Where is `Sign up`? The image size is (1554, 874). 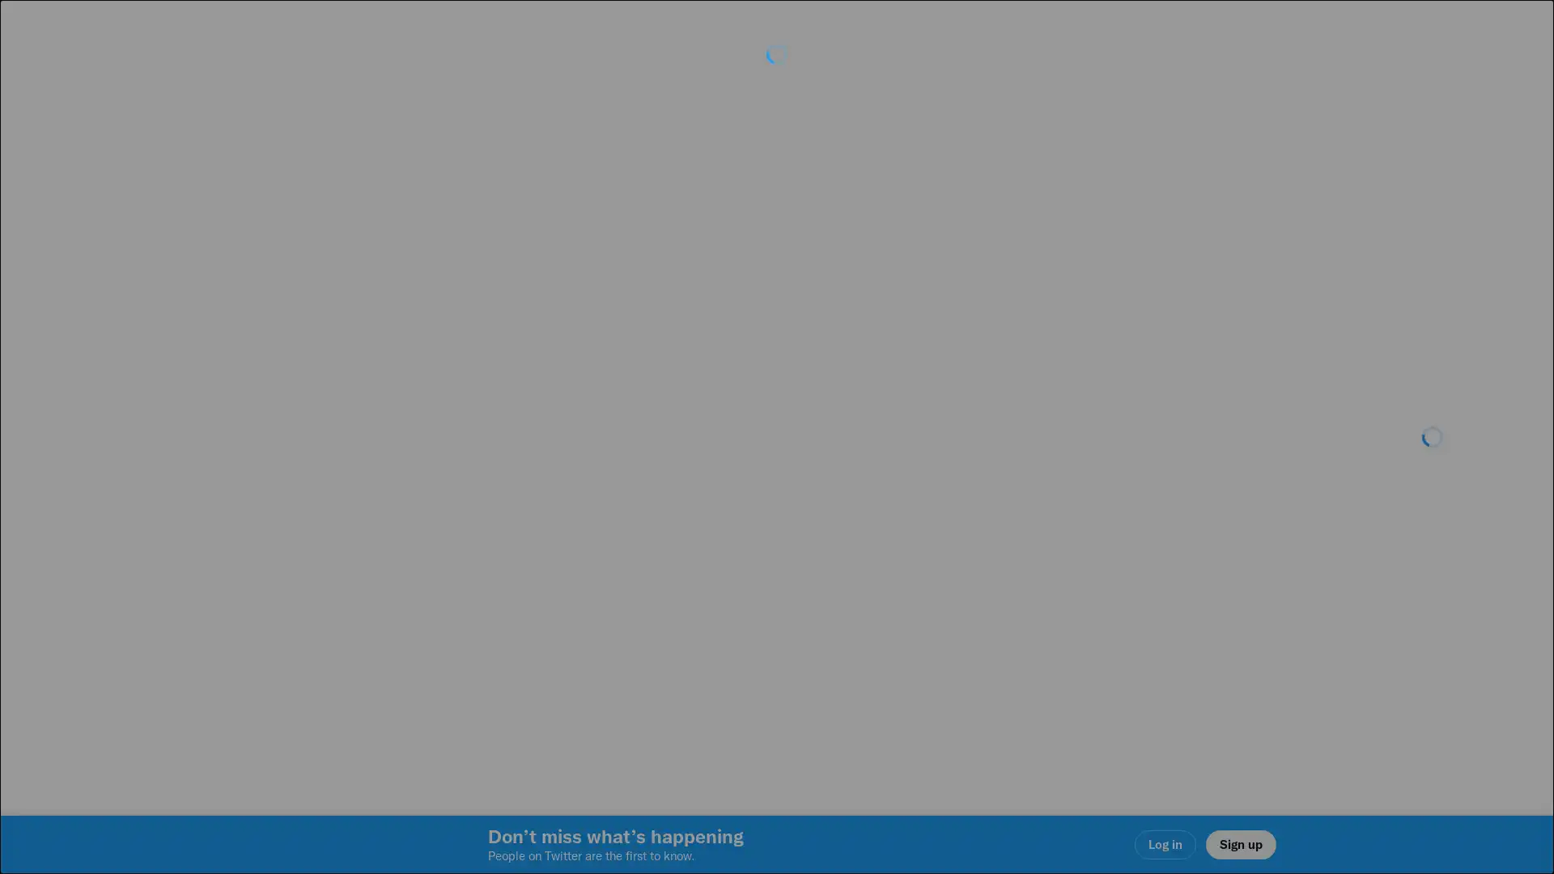
Sign up is located at coordinates (584, 551).